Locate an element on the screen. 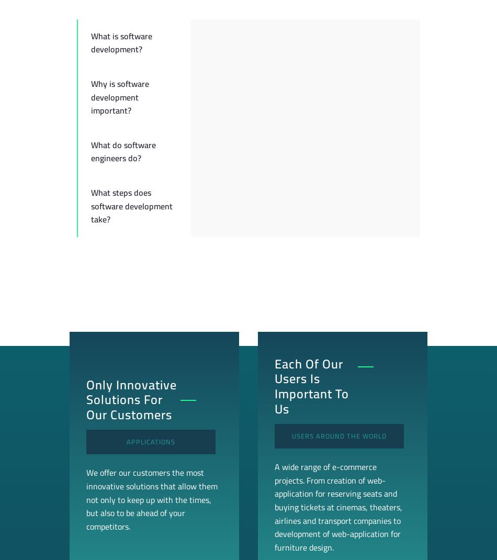 The image size is (497, 560). 'Applications' is located at coordinates (150, 441).